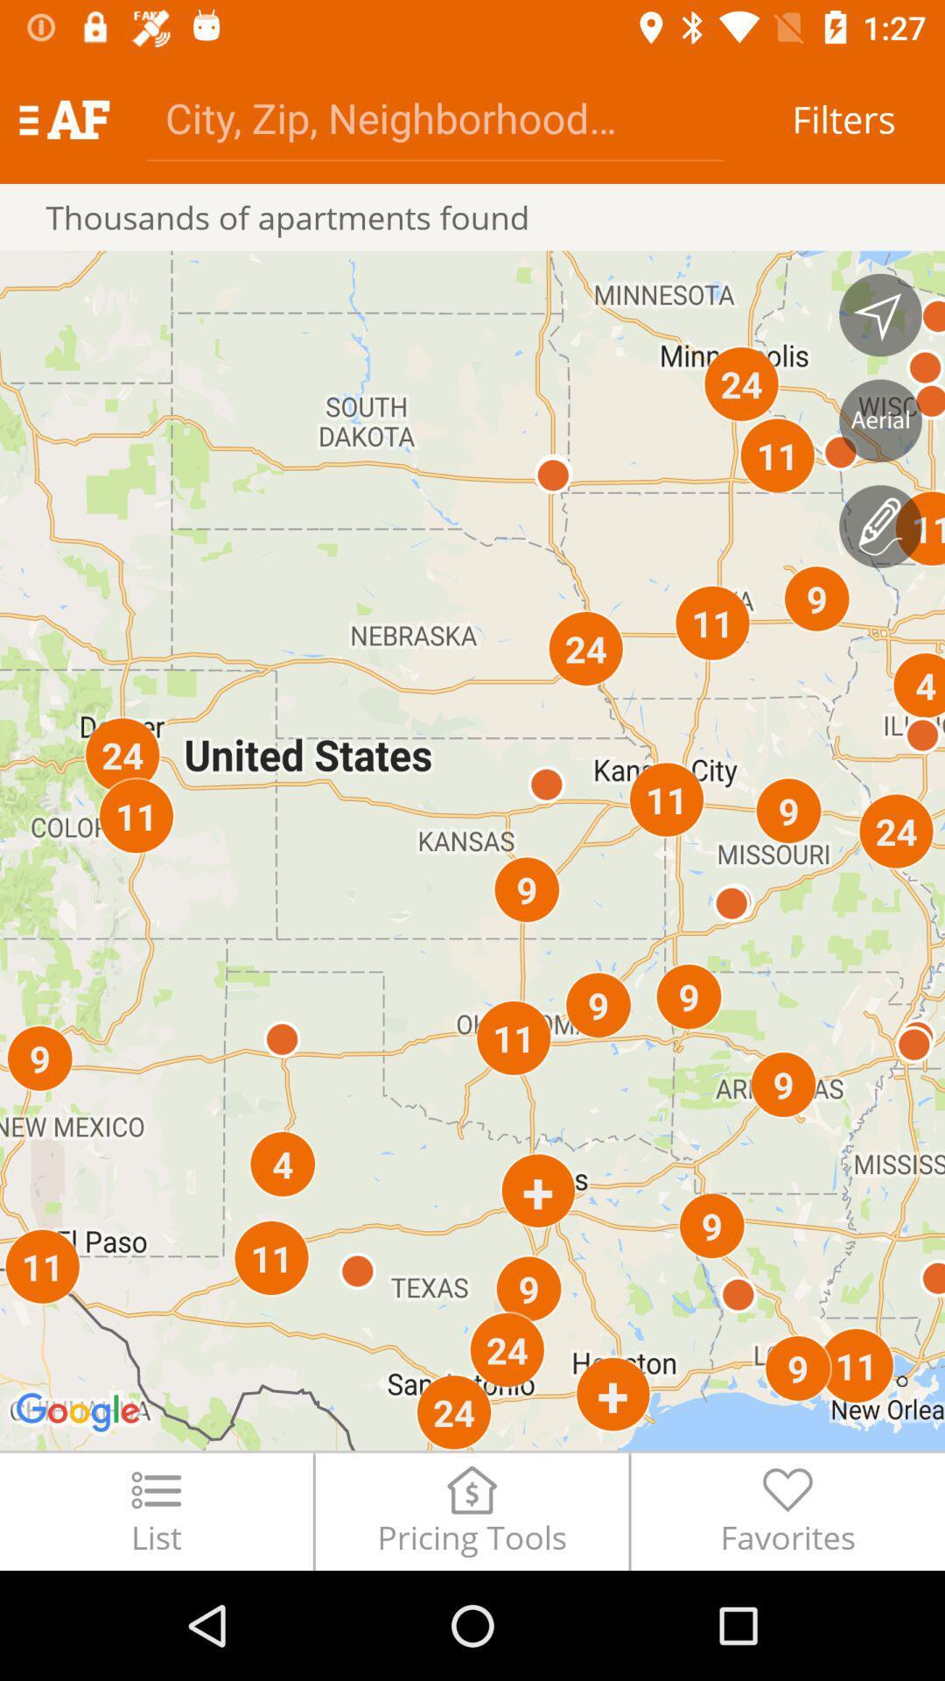 The image size is (945, 1681). I want to click on address, so click(434, 116).